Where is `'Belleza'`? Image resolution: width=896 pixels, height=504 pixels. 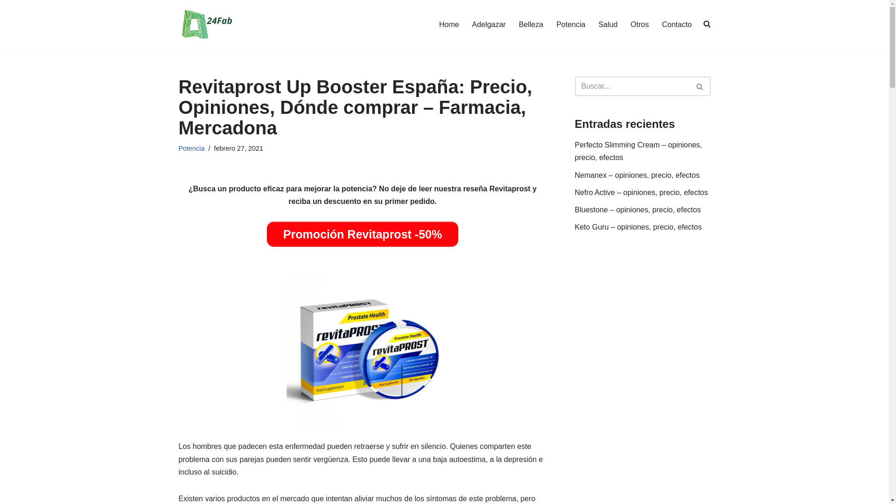 'Belleza' is located at coordinates (531, 24).